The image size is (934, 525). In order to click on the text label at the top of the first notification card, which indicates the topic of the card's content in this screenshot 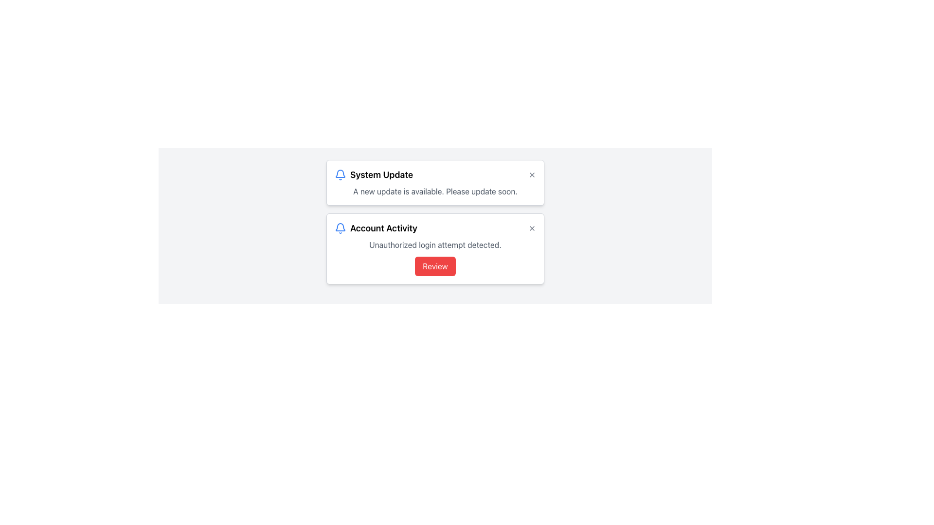, I will do `click(381, 174)`.